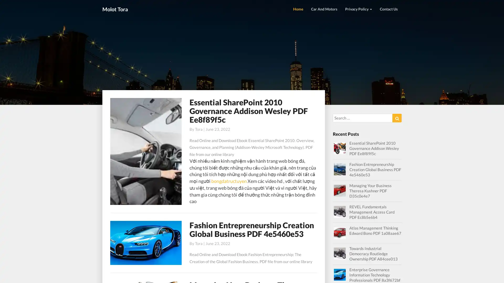 This screenshot has height=283, width=504. I want to click on Search, so click(397, 118).